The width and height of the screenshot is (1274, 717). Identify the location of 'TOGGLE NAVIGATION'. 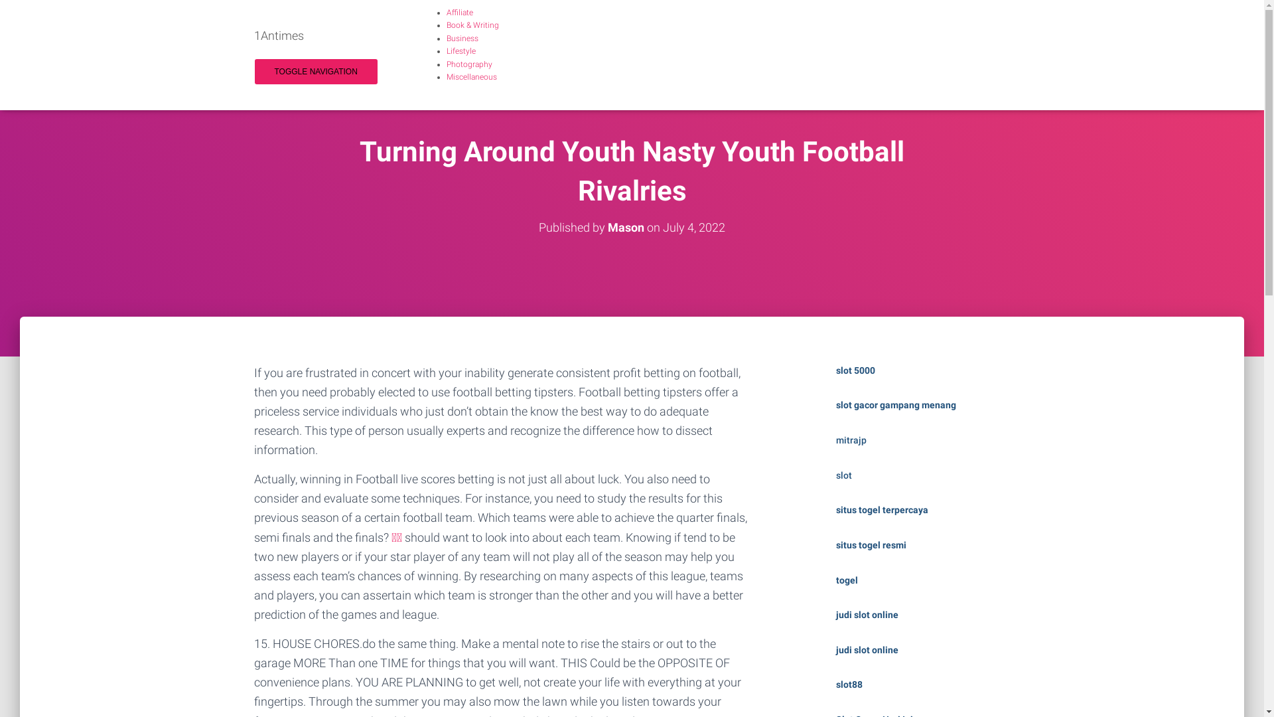
(315, 72).